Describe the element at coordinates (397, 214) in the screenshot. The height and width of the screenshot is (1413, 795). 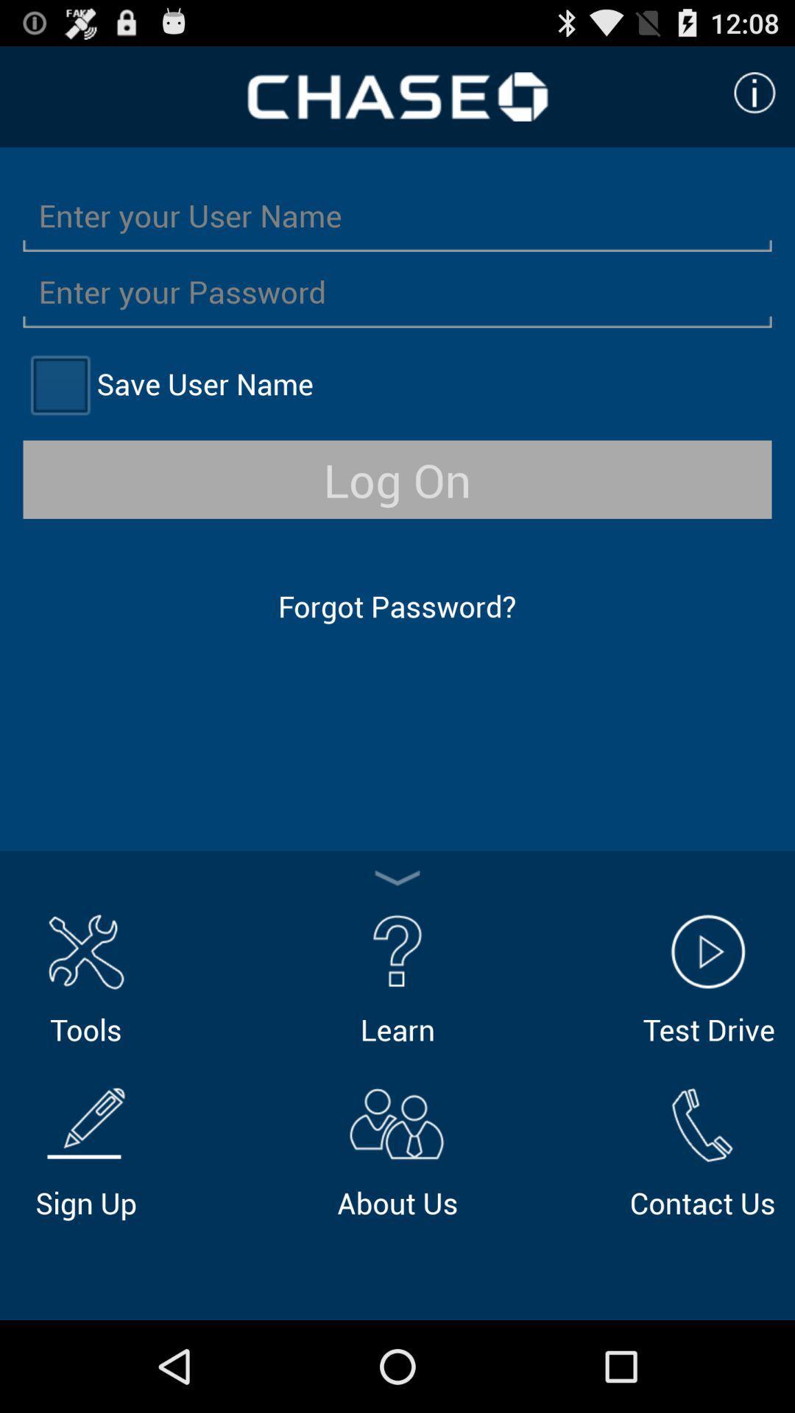
I see `username` at that location.